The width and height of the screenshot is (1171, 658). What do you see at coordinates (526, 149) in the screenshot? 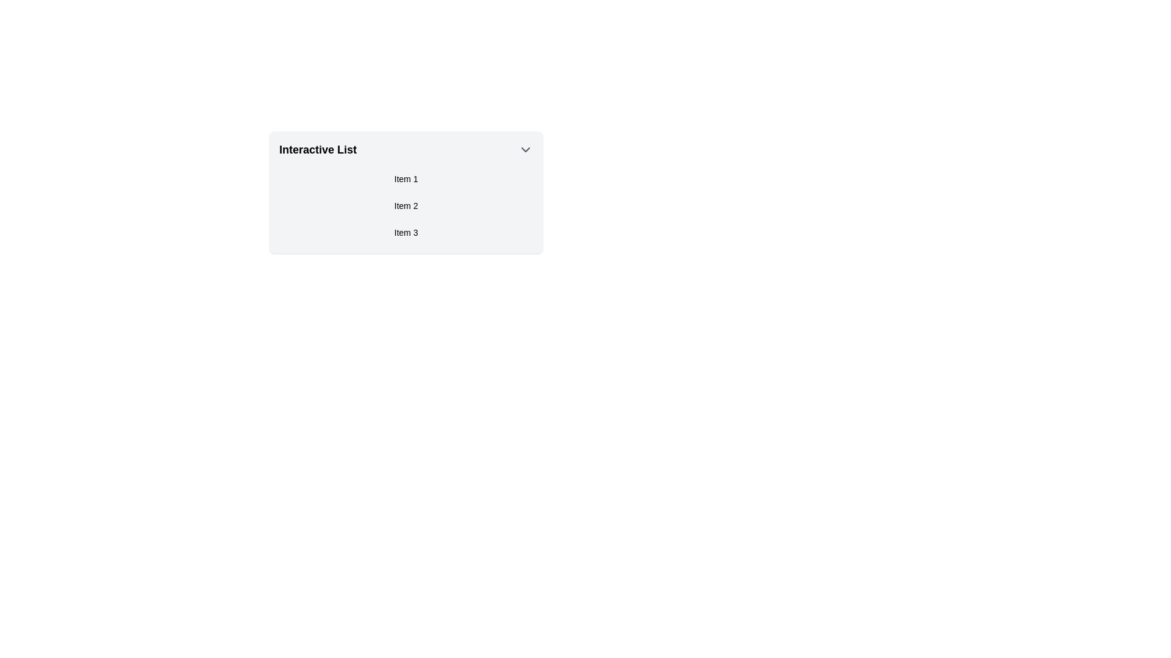
I see `the chevron icon located on the right end of the header row of the collapsible panel` at bounding box center [526, 149].